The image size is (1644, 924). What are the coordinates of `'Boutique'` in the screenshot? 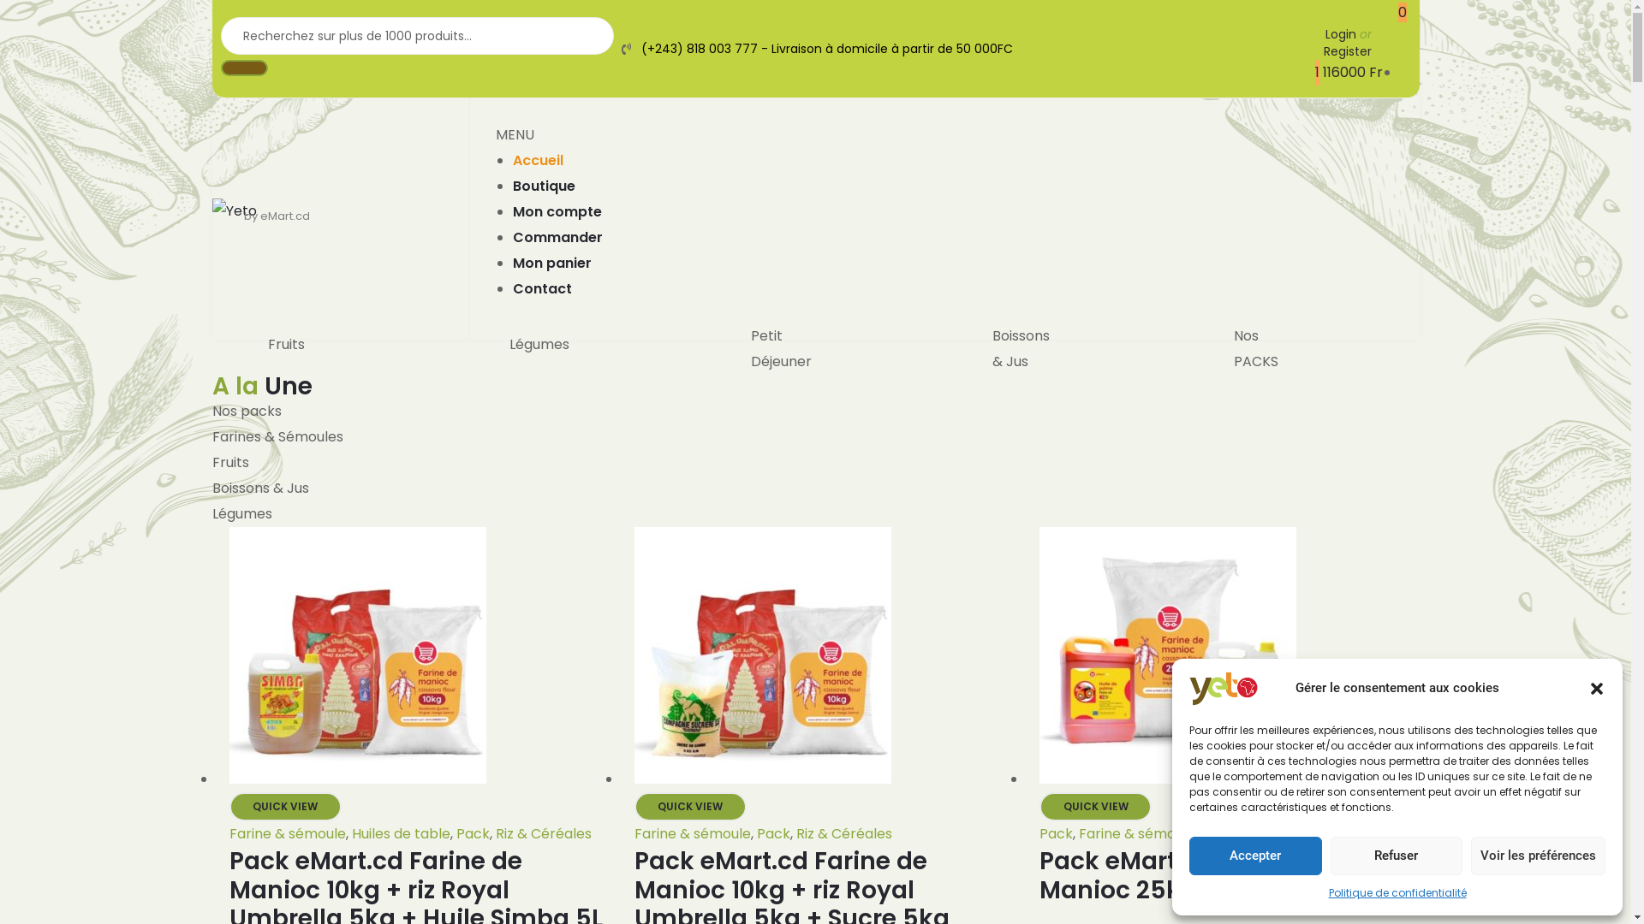 It's located at (543, 186).